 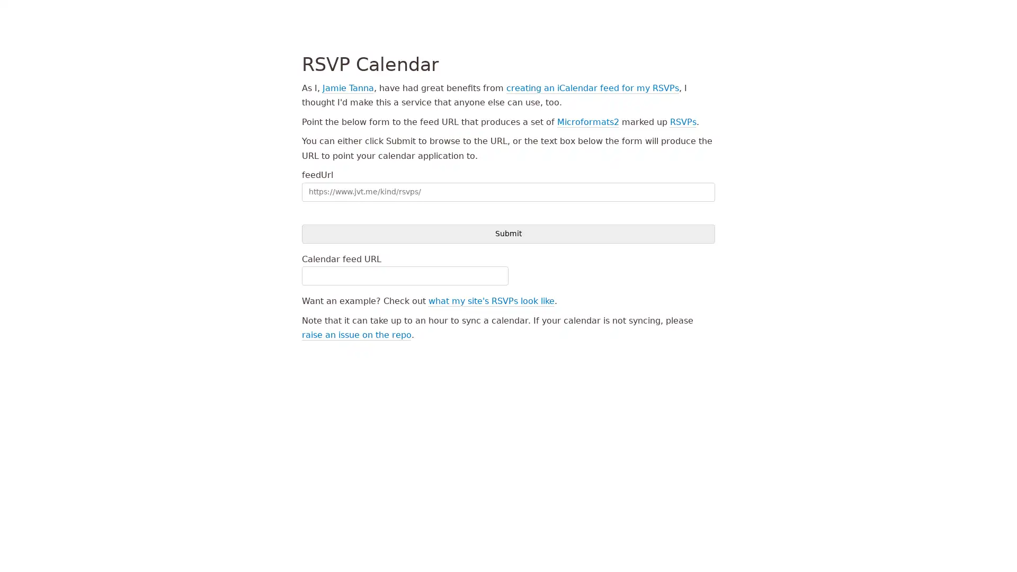 I want to click on Submit, so click(x=507, y=233).